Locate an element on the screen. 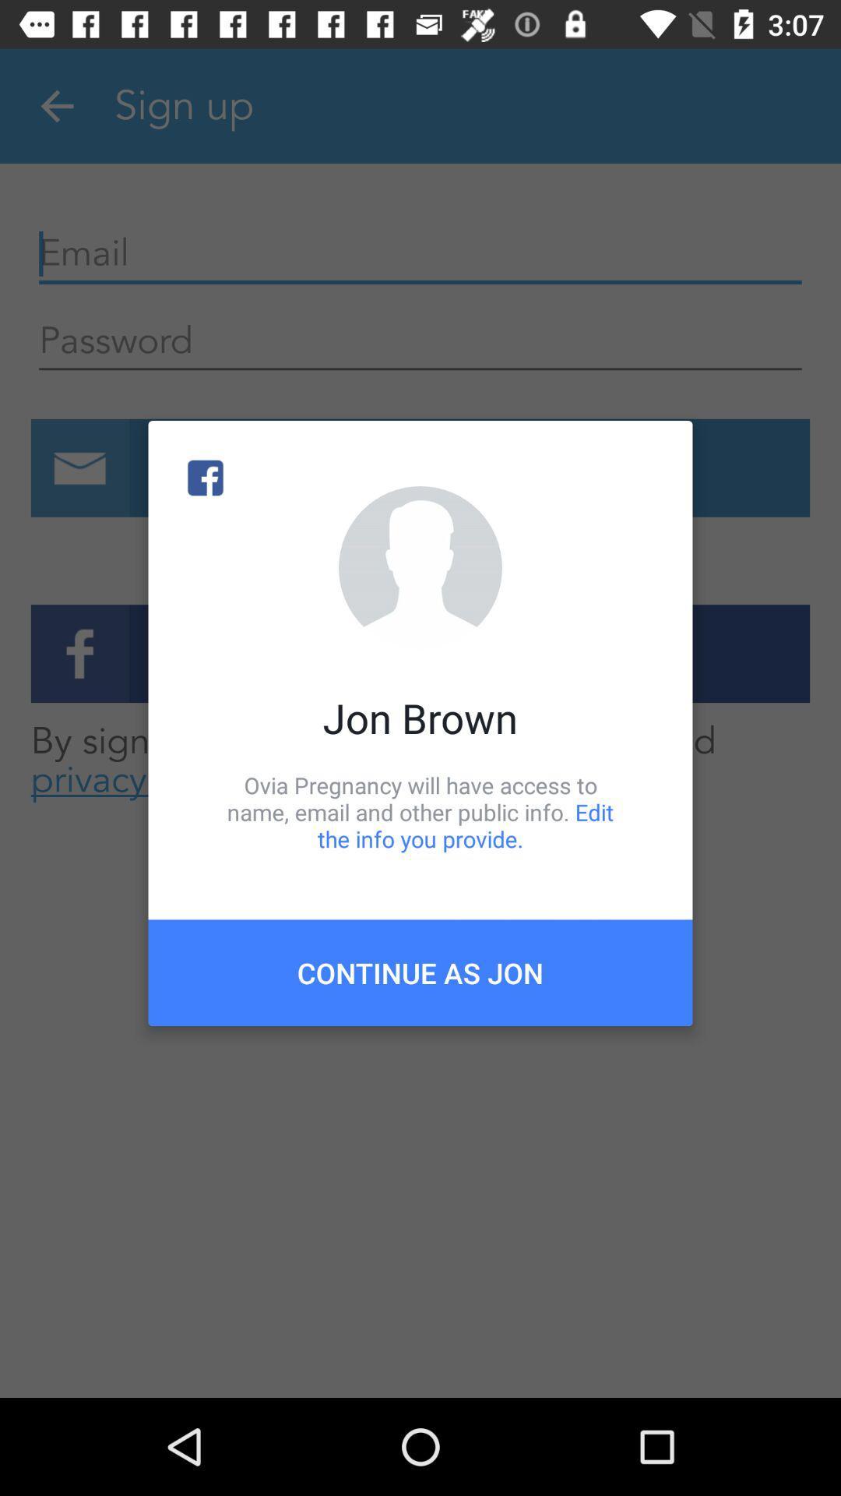 The height and width of the screenshot is (1496, 841). continue as jon item is located at coordinates (420, 972).